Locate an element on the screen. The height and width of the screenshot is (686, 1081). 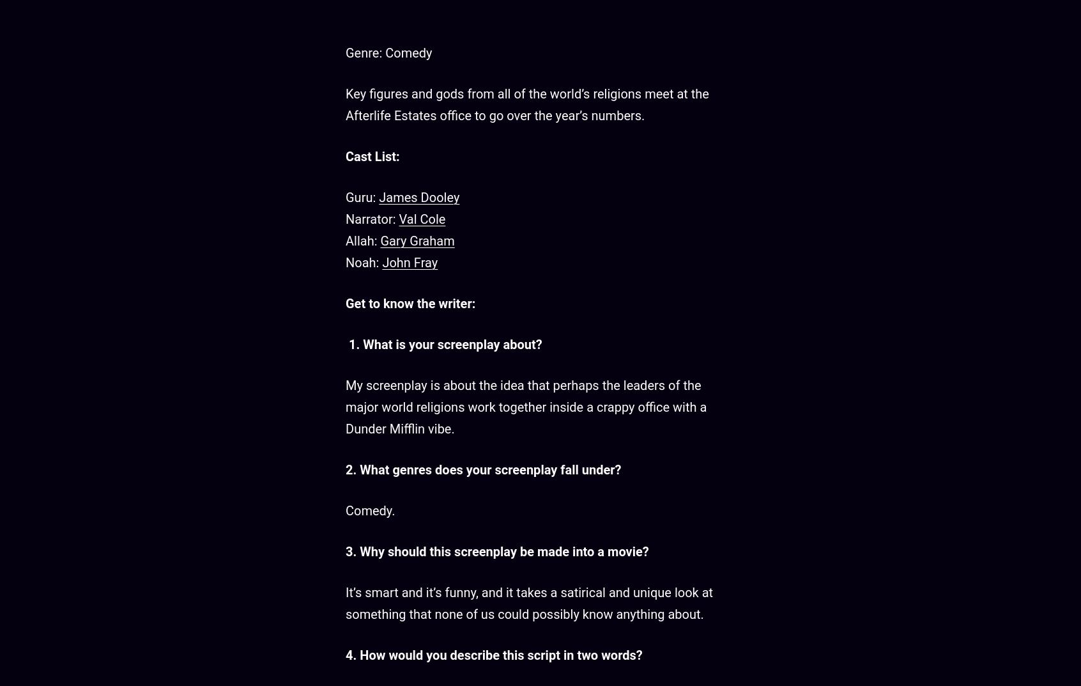
'Noah:' is located at coordinates (363, 261).